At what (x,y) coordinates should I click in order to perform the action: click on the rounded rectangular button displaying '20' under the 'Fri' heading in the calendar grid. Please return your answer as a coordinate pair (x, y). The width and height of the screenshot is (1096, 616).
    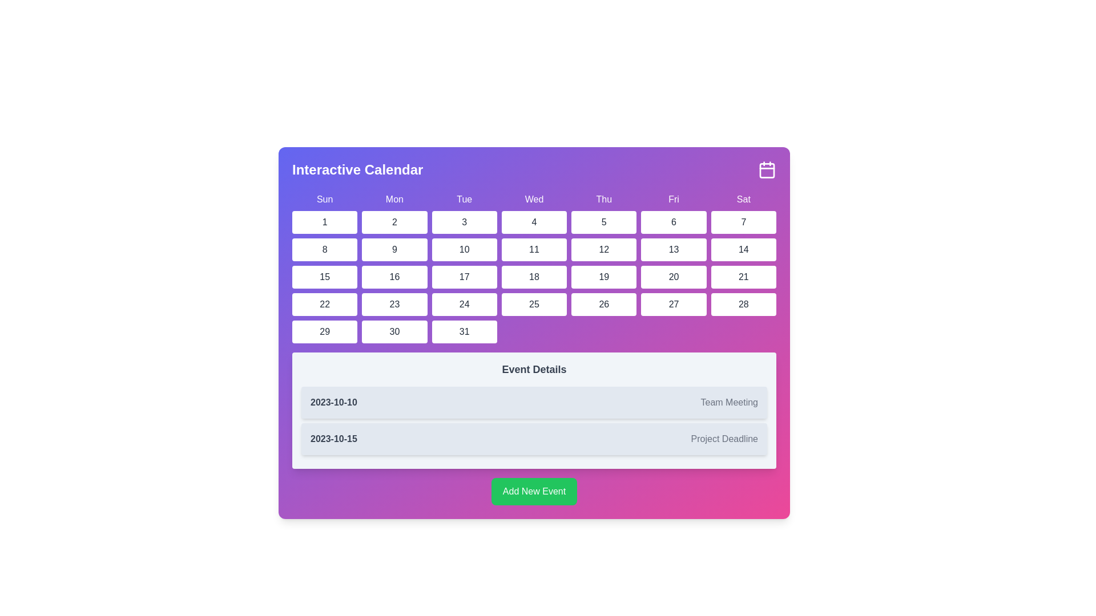
    Looking at the image, I should click on (674, 277).